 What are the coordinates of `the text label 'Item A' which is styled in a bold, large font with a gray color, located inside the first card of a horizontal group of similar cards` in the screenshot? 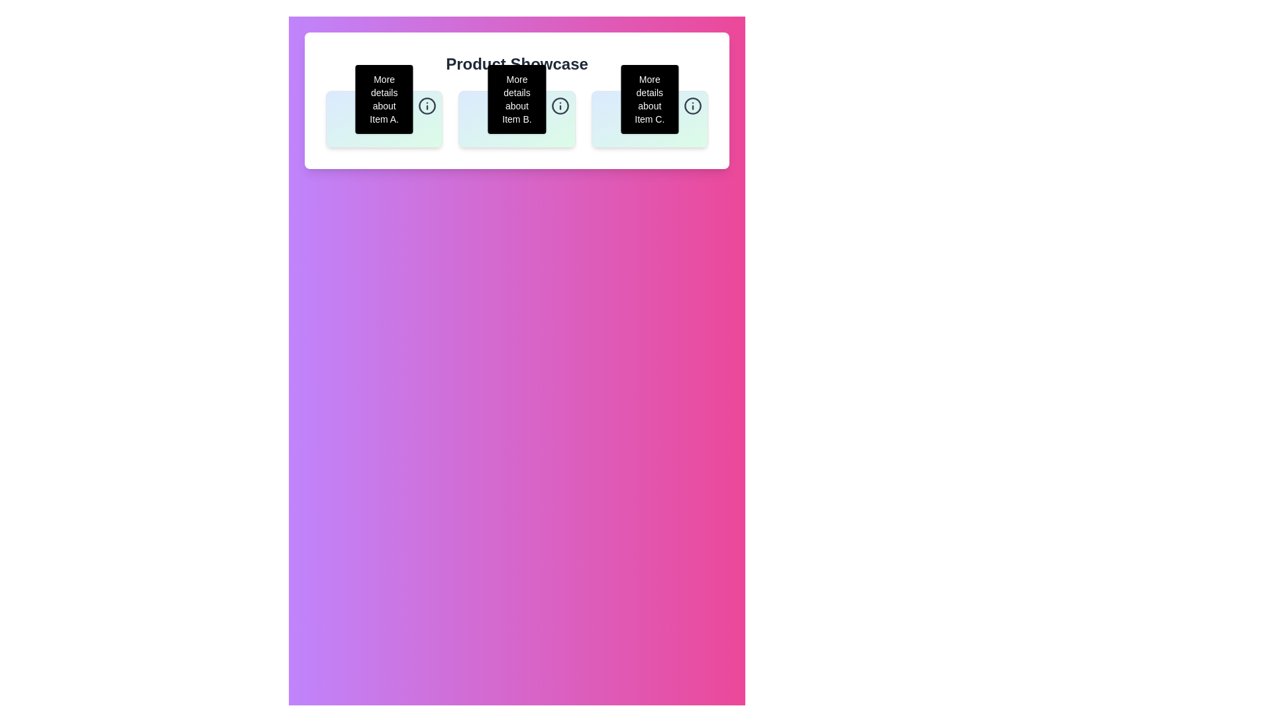 It's located at (384, 116).